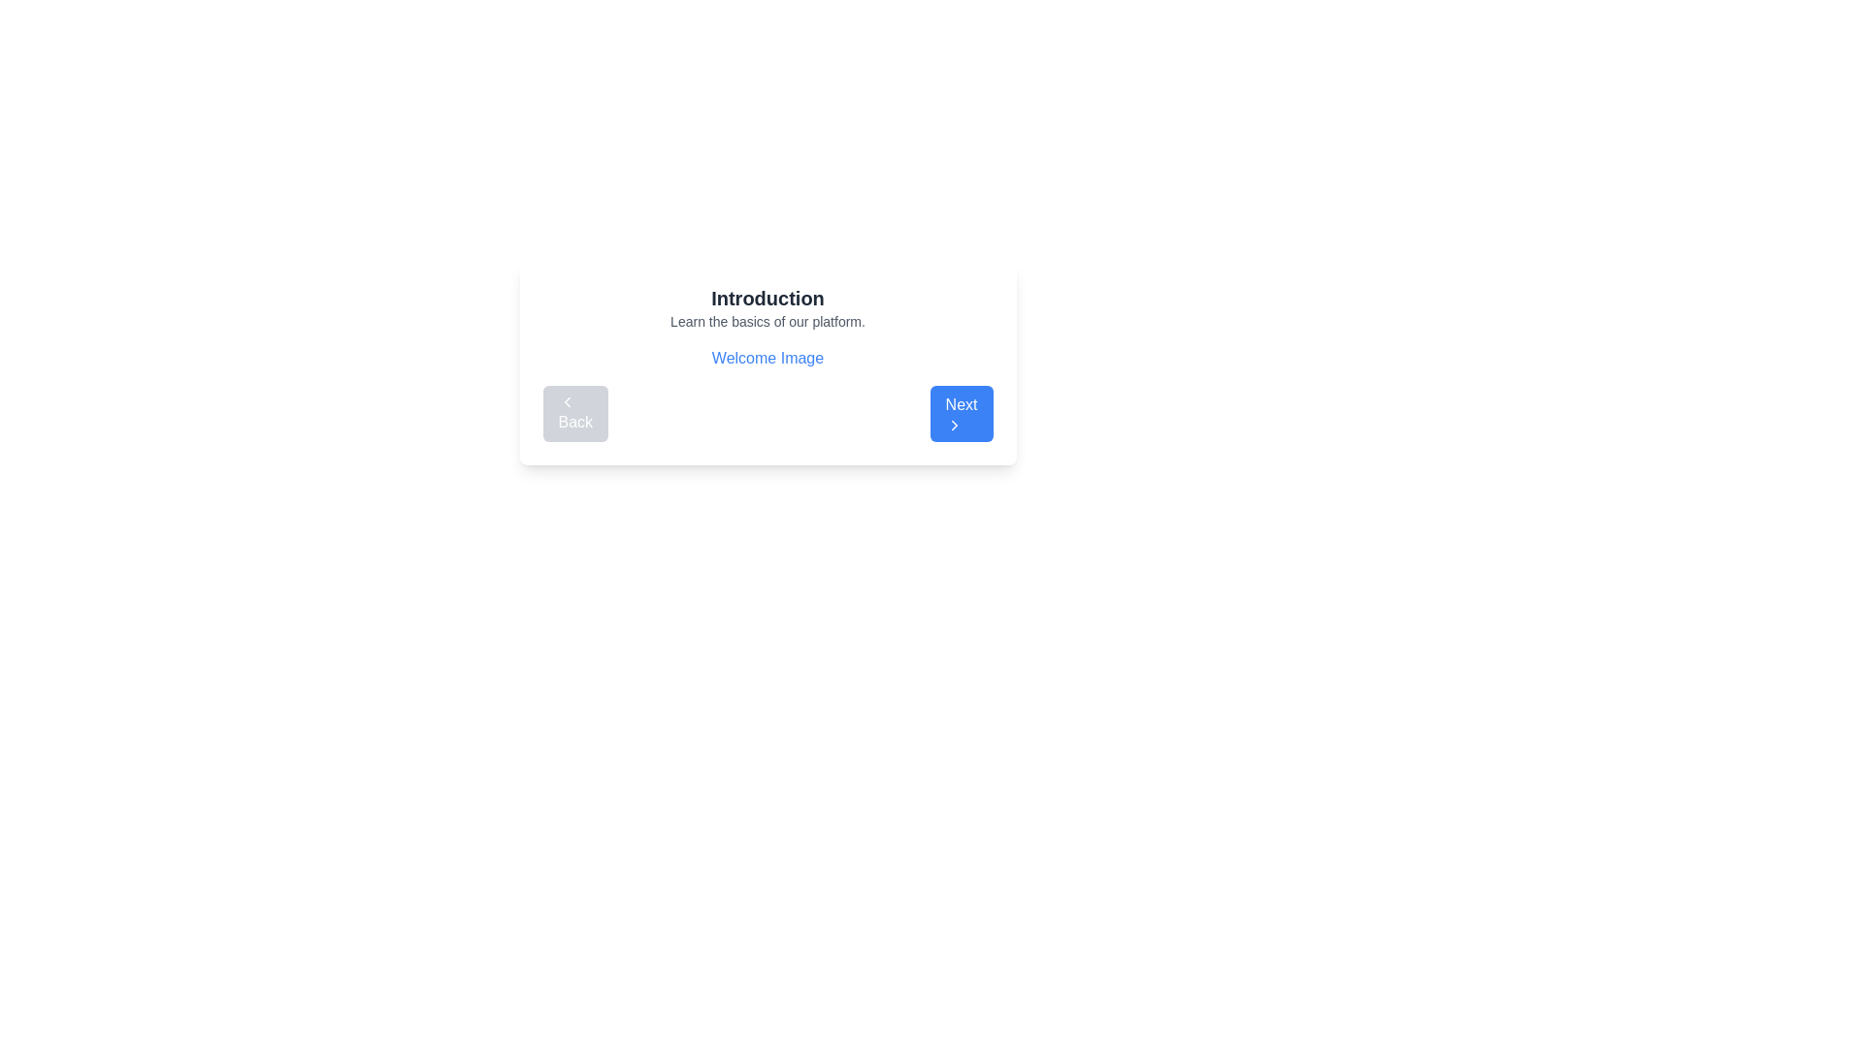  Describe the element at coordinates (954, 425) in the screenshot. I see `the right-pointing chevron icon inside the 'Next' button, which is located towards the bottom-right corner of the interface` at that location.